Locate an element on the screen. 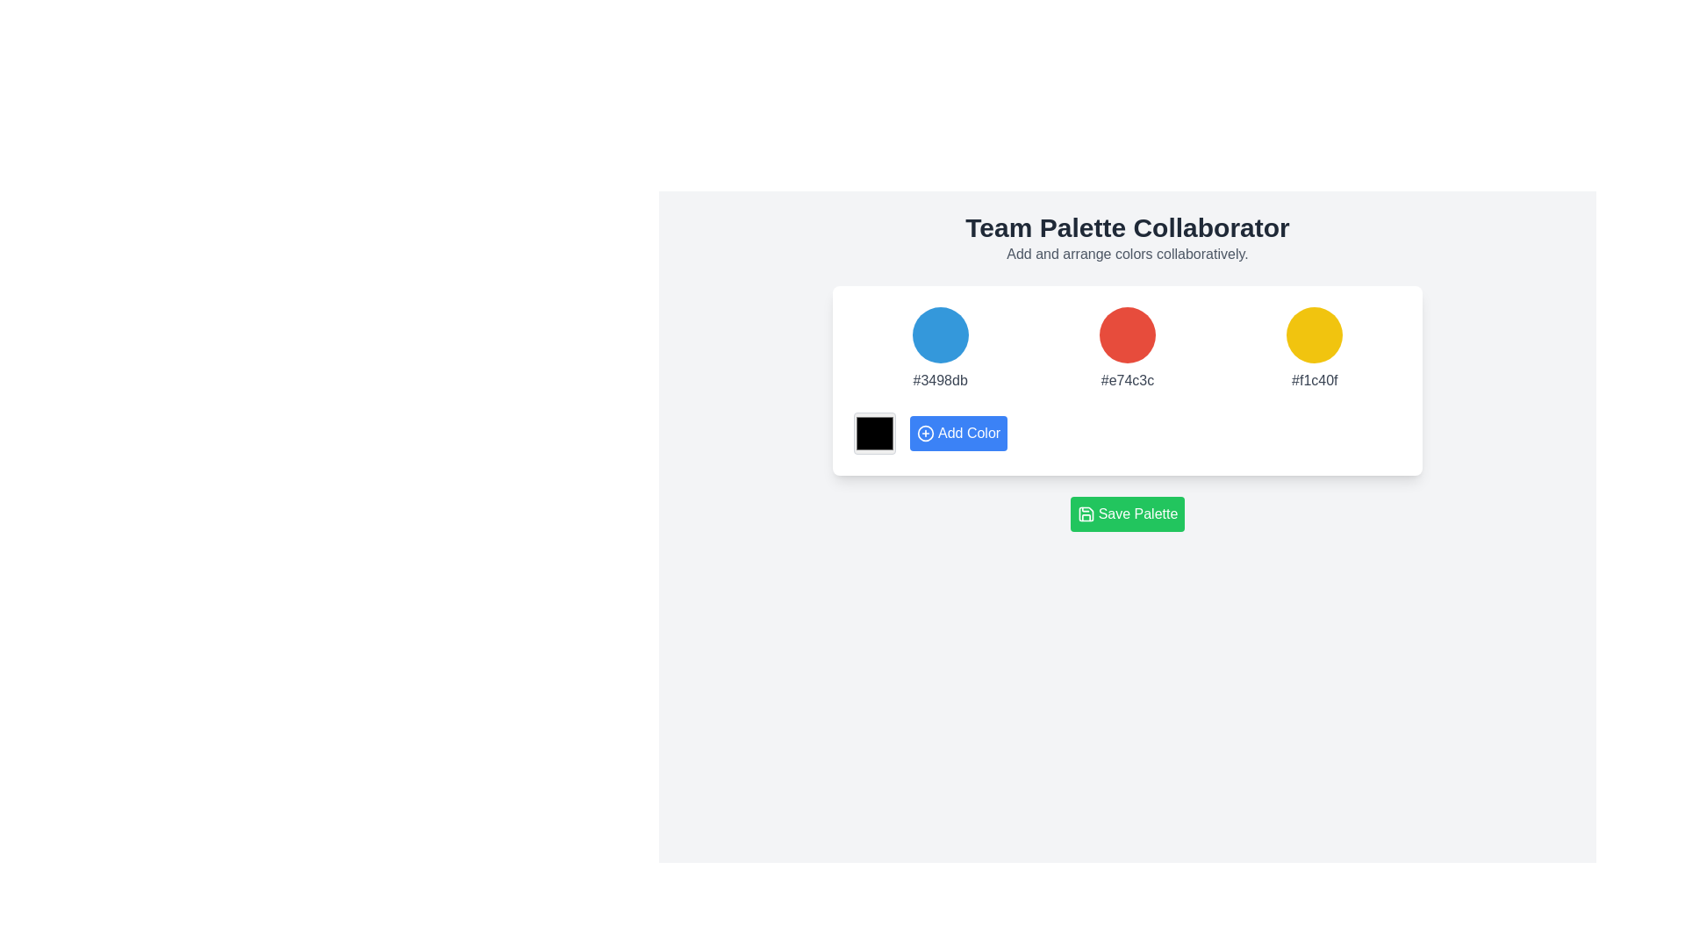  the text label displaying the hexadecimal color code for yellow is located at coordinates (1315, 380).